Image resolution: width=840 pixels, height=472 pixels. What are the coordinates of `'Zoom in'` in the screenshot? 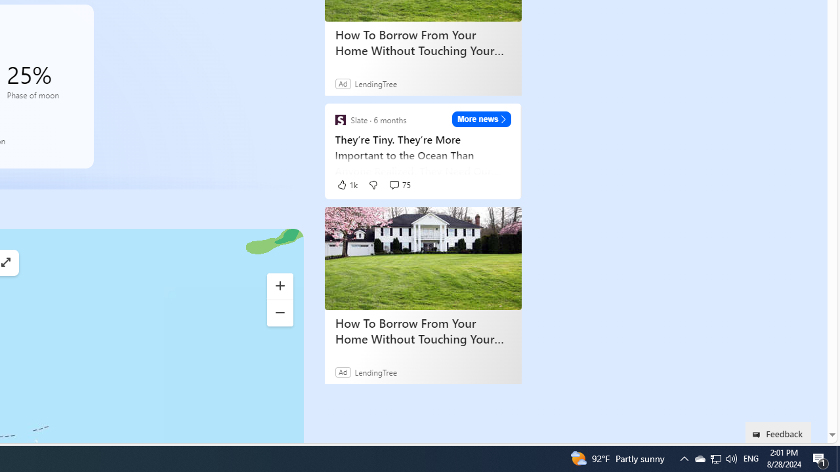 It's located at (279, 286).